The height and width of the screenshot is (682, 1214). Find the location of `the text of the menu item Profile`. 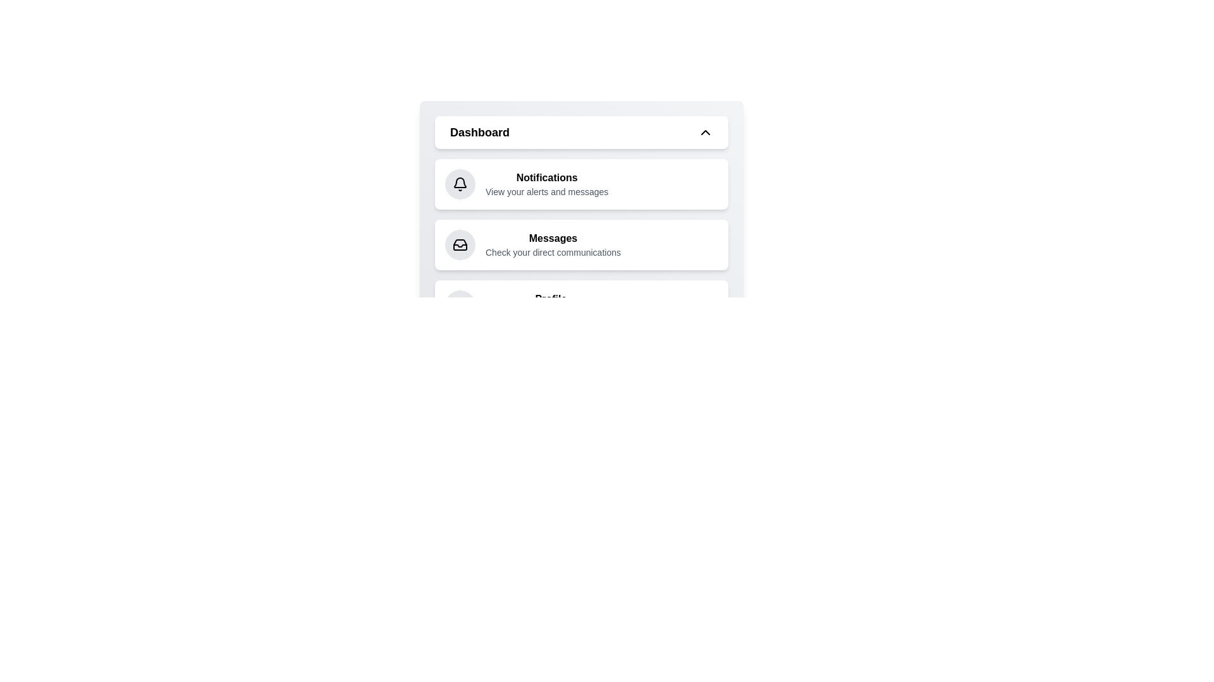

the text of the menu item Profile is located at coordinates (550, 299).